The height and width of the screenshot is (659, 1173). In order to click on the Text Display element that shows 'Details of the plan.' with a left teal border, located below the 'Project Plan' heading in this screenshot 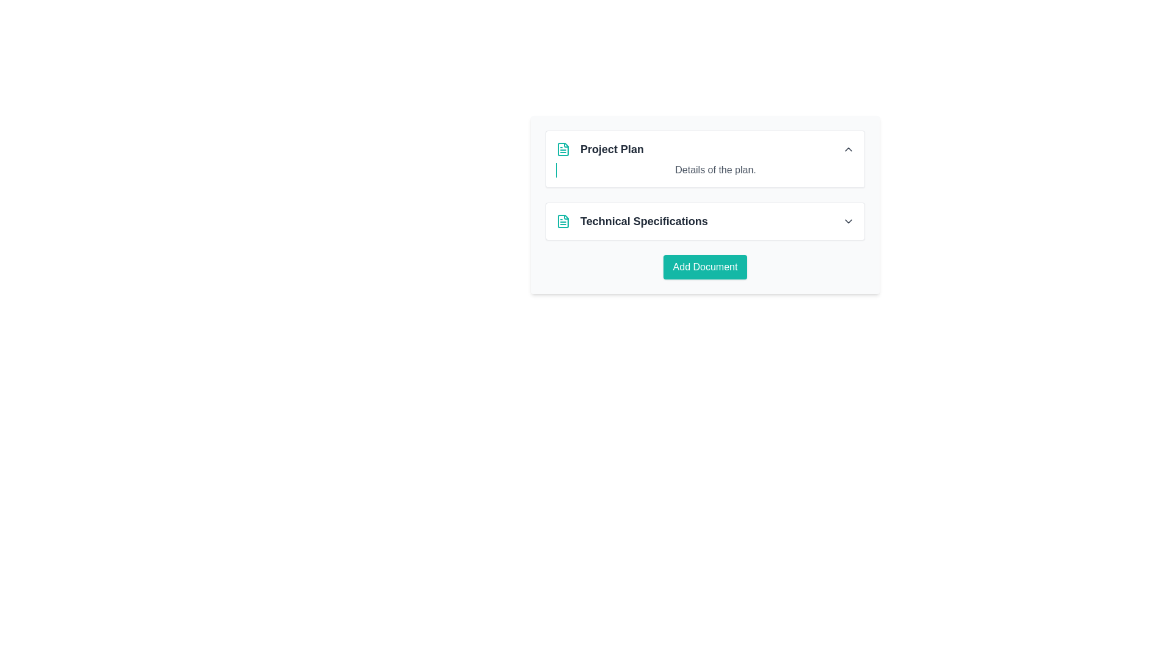, I will do `click(705, 170)`.